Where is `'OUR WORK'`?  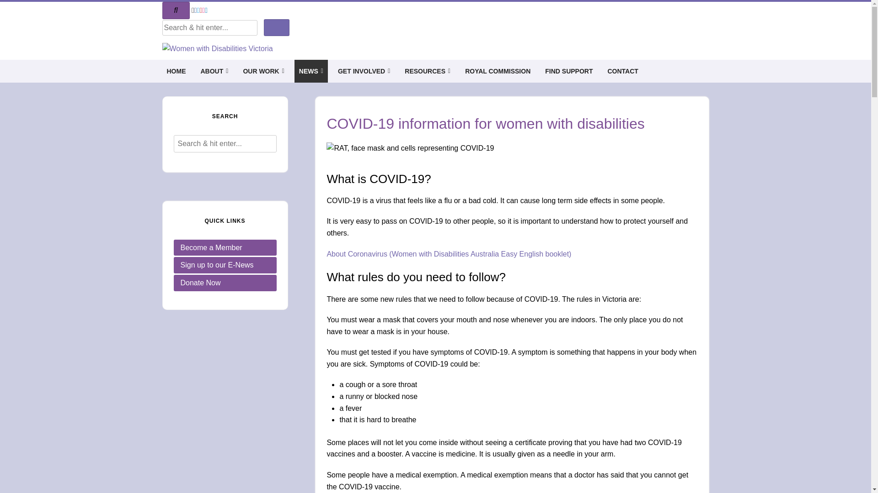 'OUR WORK' is located at coordinates (263, 70).